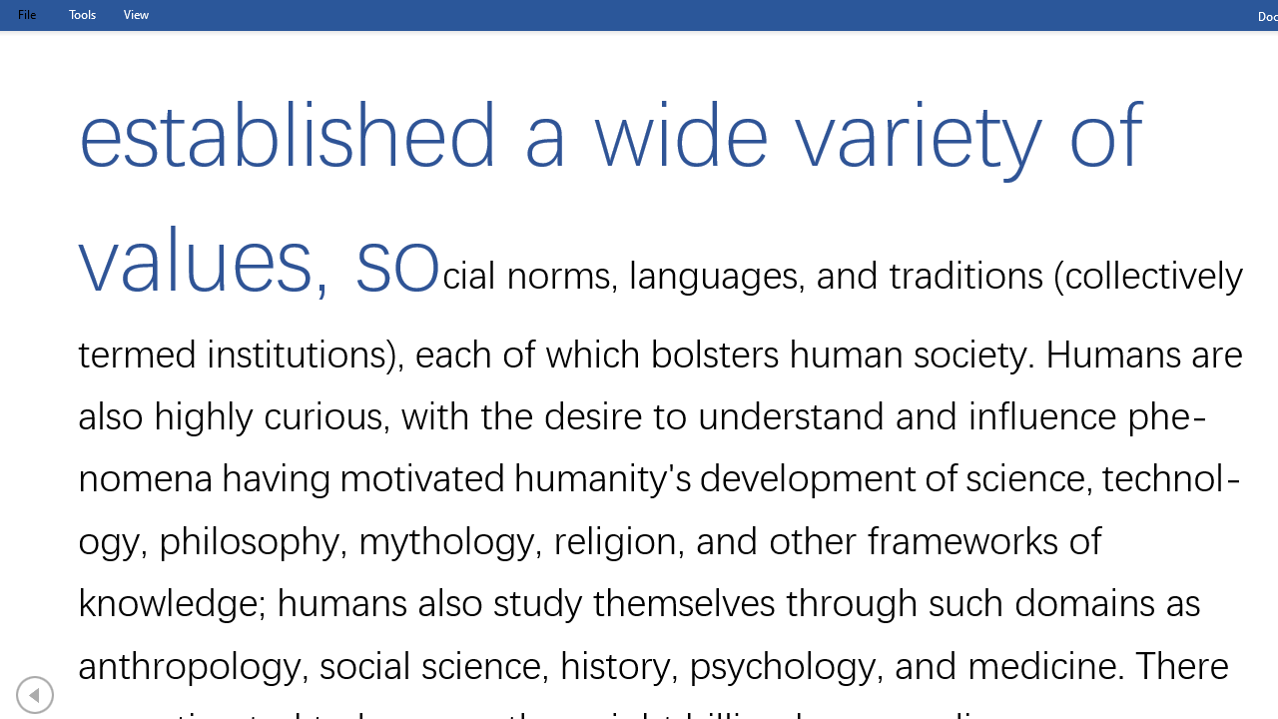  What do you see at coordinates (81, 14) in the screenshot?
I see `'Tools'` at bounding box center [81, 14].